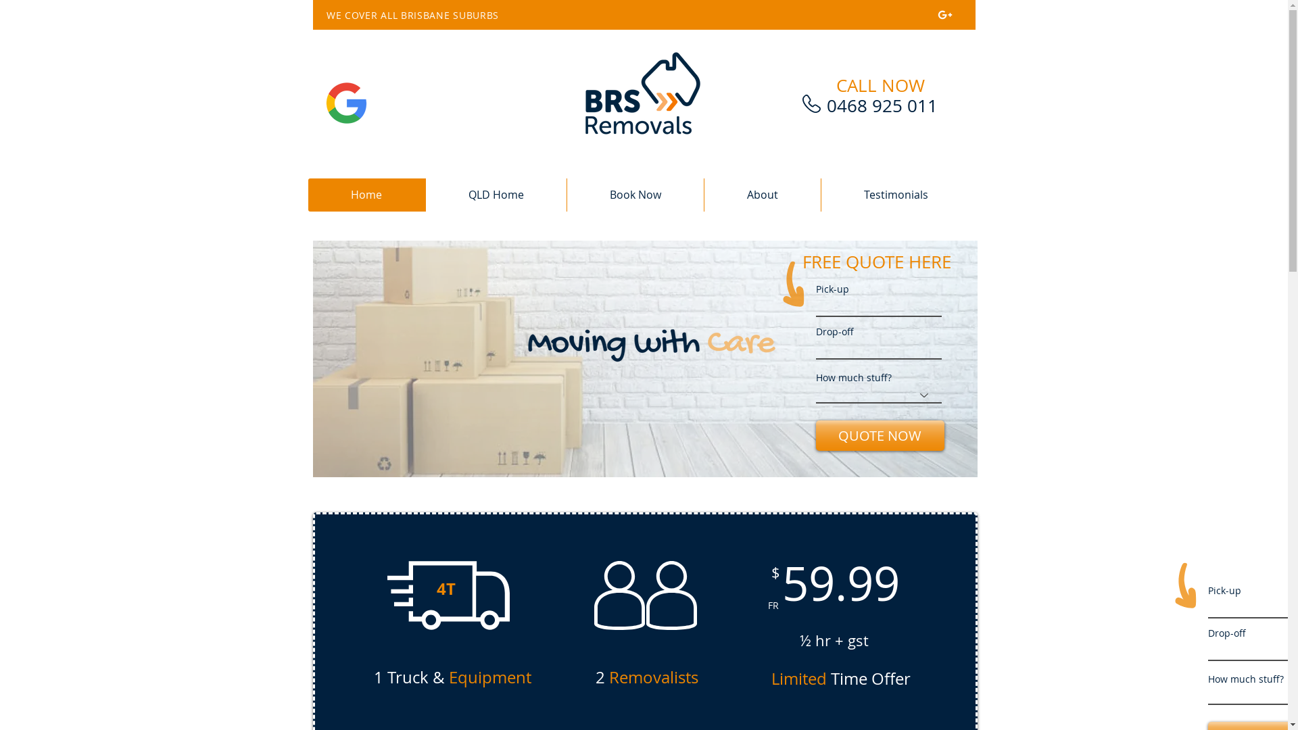 This screenshot has height=730, width=1298. Describe the element at coordinates (494, 195) in the screenshot. I see `'QLD Home'` at that location.